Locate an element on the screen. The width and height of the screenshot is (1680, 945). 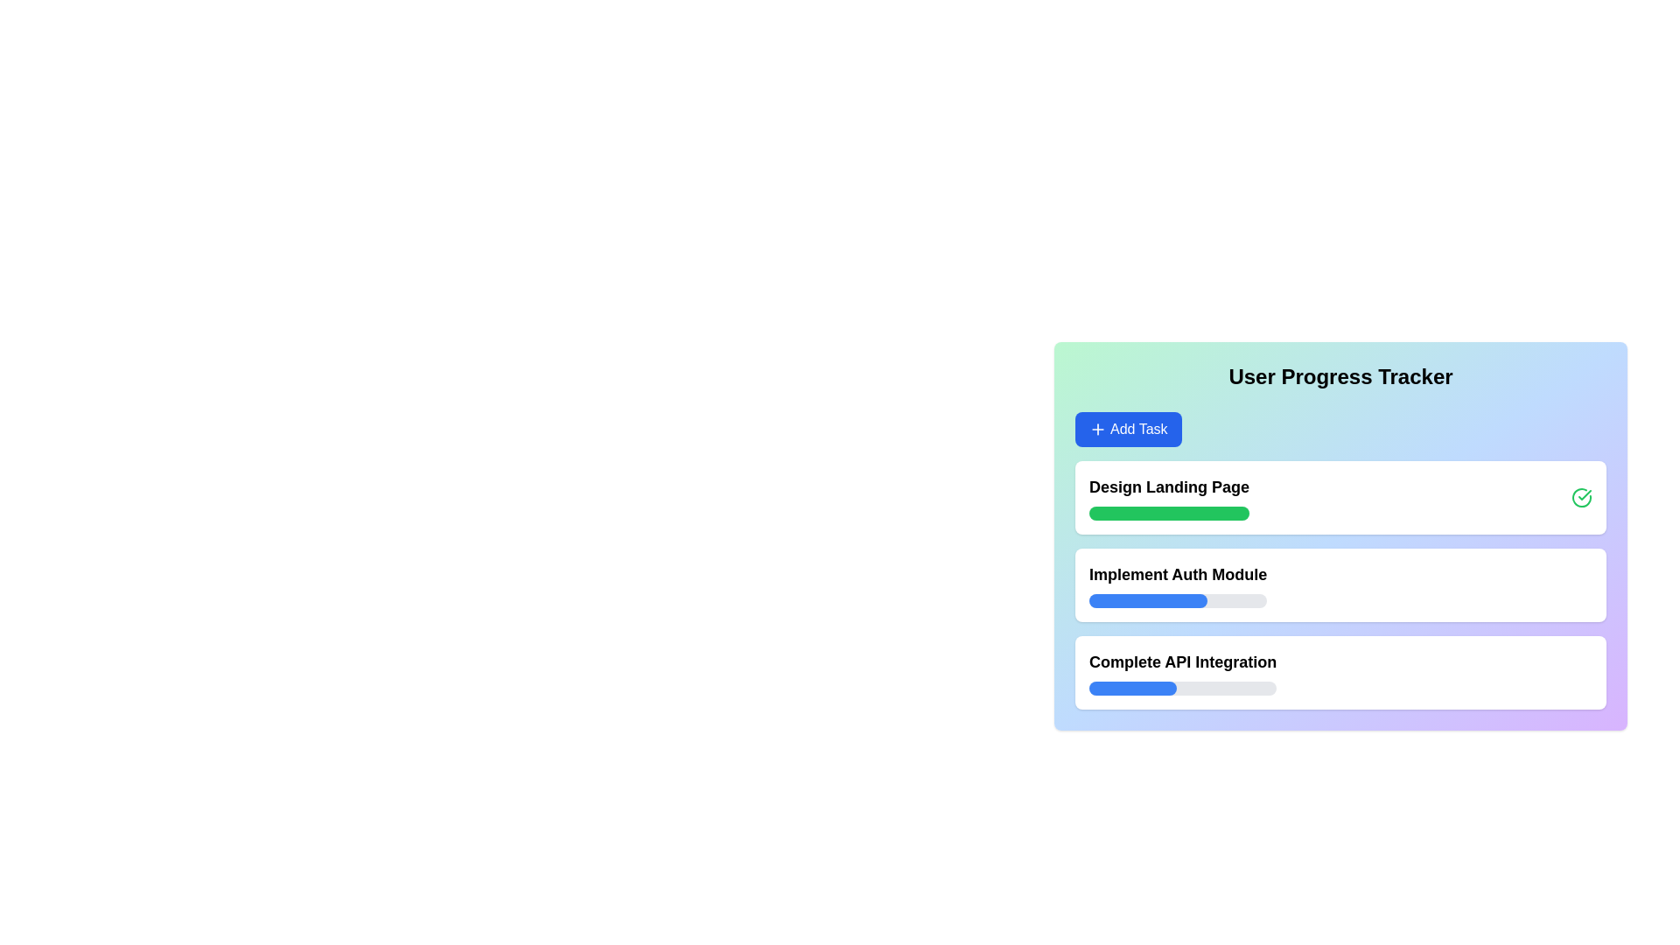
the progress bar located below the text 'Design Landing Page' in the first task card of the user progress tracker interface is located at coordinates (1169, 512).